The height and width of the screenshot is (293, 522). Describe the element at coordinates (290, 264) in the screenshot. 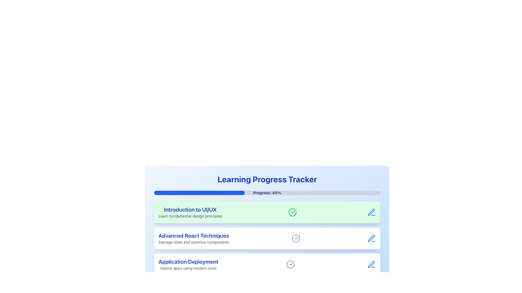

I see `the status indicated by the completion marker icon for the 'Application Deployment' item, located in the middle-right region of the interface` at that location.